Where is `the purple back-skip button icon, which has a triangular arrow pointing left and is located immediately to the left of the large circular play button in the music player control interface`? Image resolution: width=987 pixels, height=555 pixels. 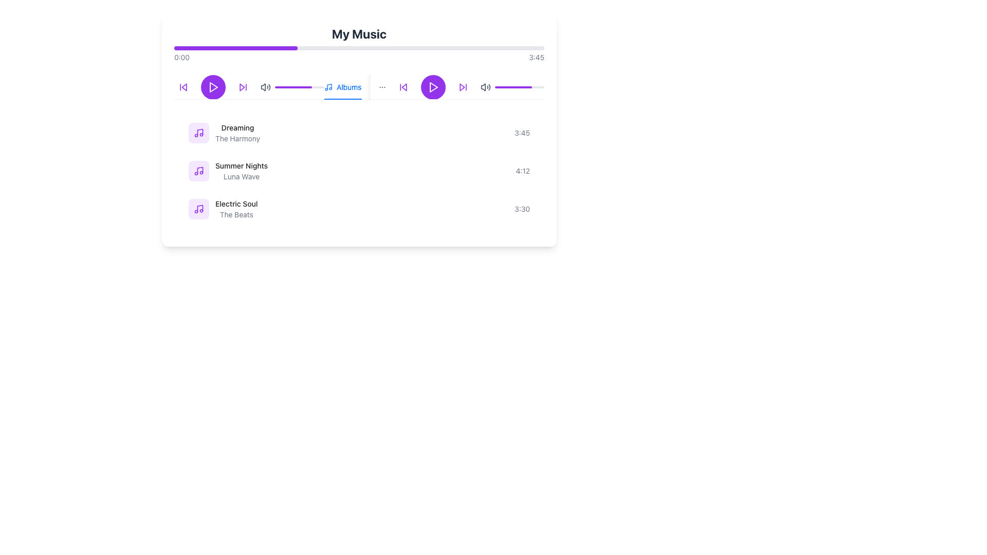 the purple back-skip button icon, which has a triangular arrow pointing left and is located immediately to the left of the large circular play button in the music player control interface is located at coordinates (183, 86).